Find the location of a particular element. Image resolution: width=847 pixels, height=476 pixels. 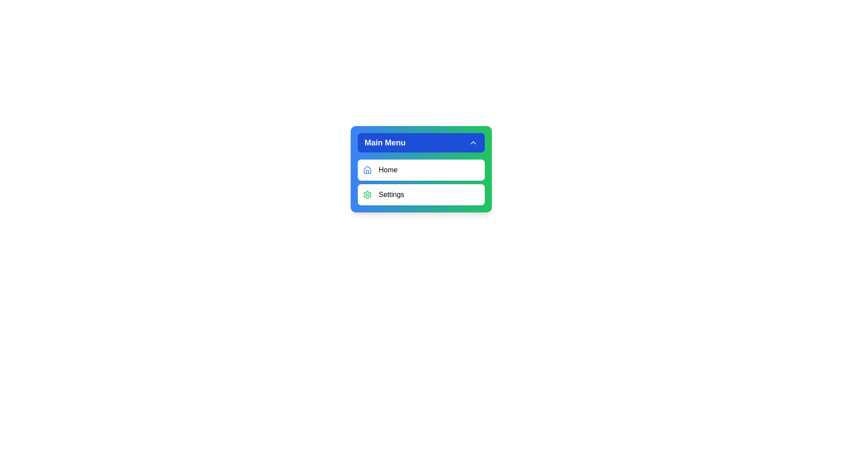

the chevron icon located on the far right side of the 'Main Menu' header is located at coordinates (472, 142).